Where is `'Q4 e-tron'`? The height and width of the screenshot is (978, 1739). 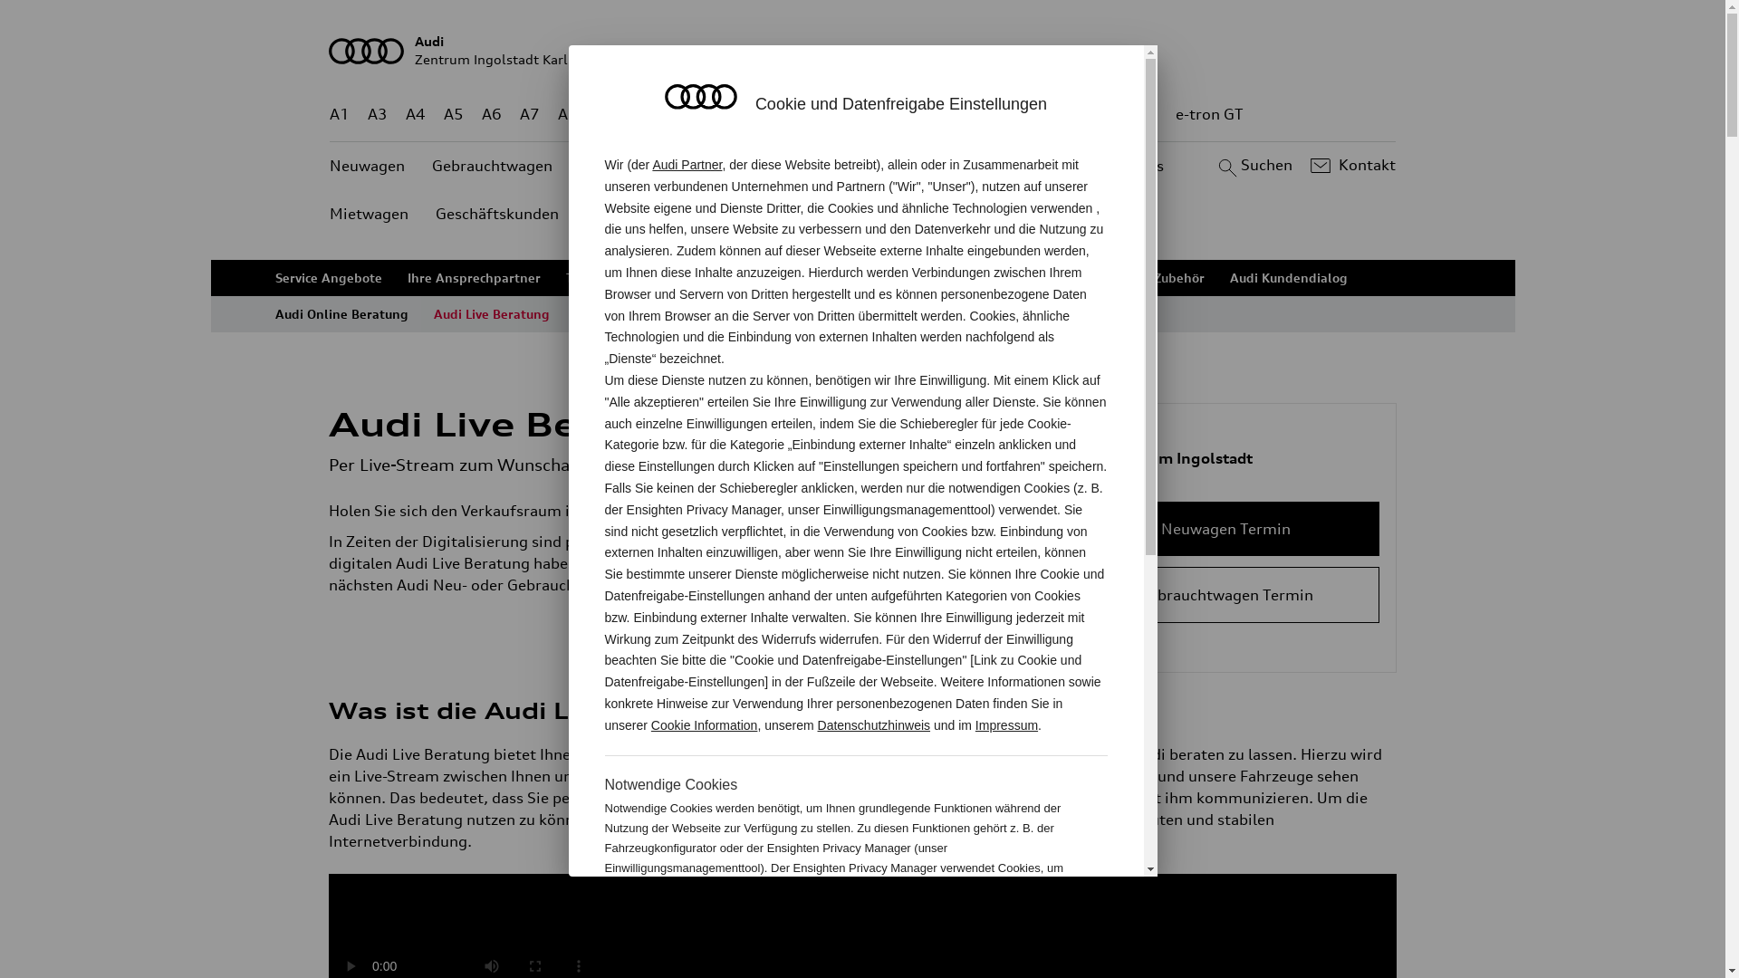
'Q4 e-tron' is located at coordinates (673, 114).